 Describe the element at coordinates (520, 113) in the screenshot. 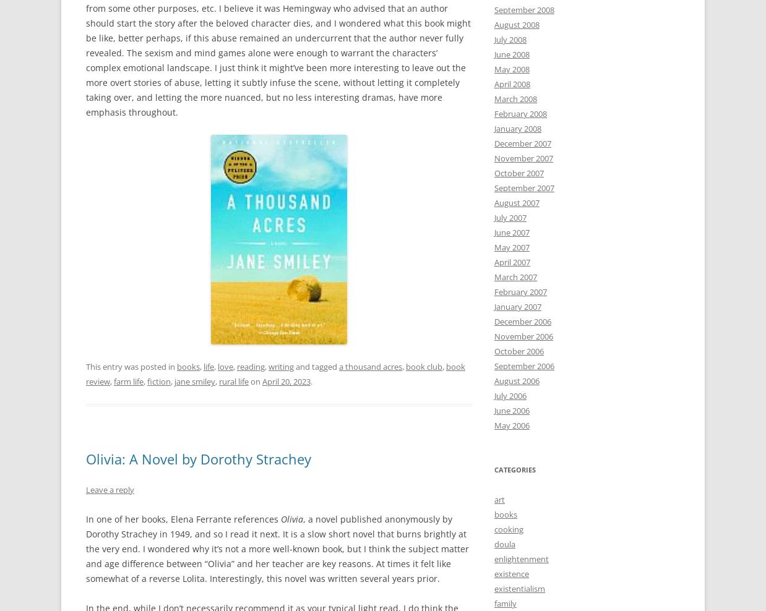

I see `'February 2008'` at that location.